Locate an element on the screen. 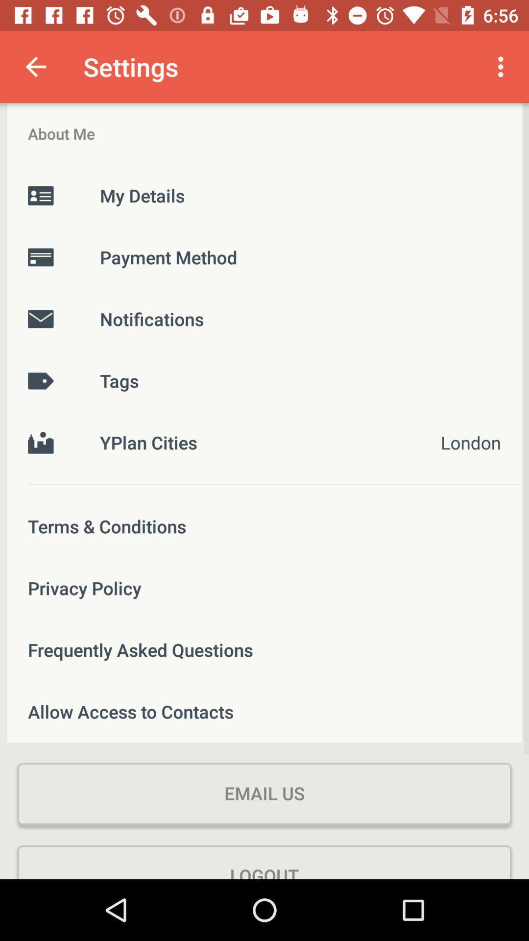  item above frequently asked questions icon is located at coordinates (264, 588).